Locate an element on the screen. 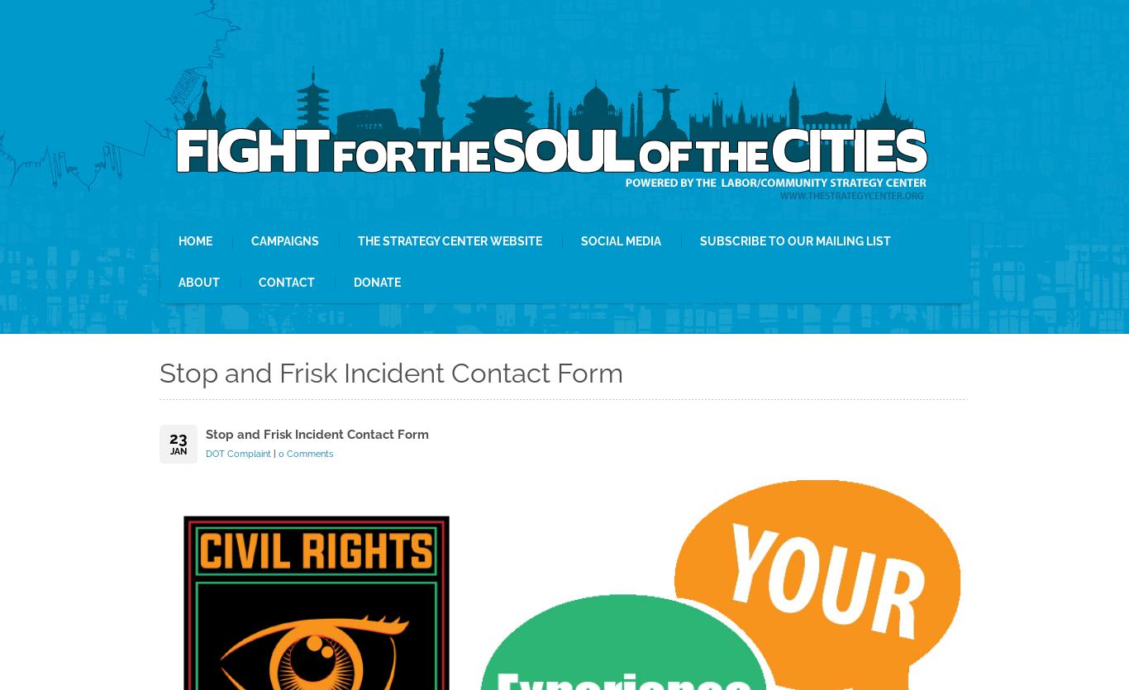 This screenshot has width=1129, height=690. 'Contact' is located at coordinates (285, 283).